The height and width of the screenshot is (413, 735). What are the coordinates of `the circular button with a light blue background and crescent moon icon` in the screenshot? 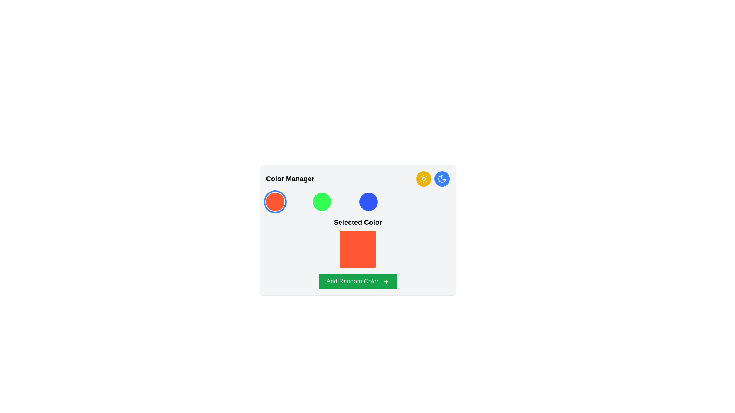 It's located at (442, 179).